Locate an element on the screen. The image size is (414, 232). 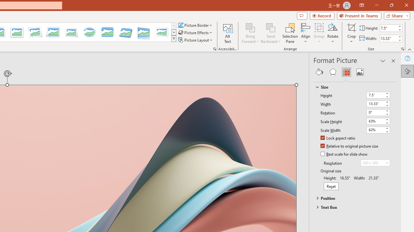
'Rotation' is located at coordinates (378, 112).